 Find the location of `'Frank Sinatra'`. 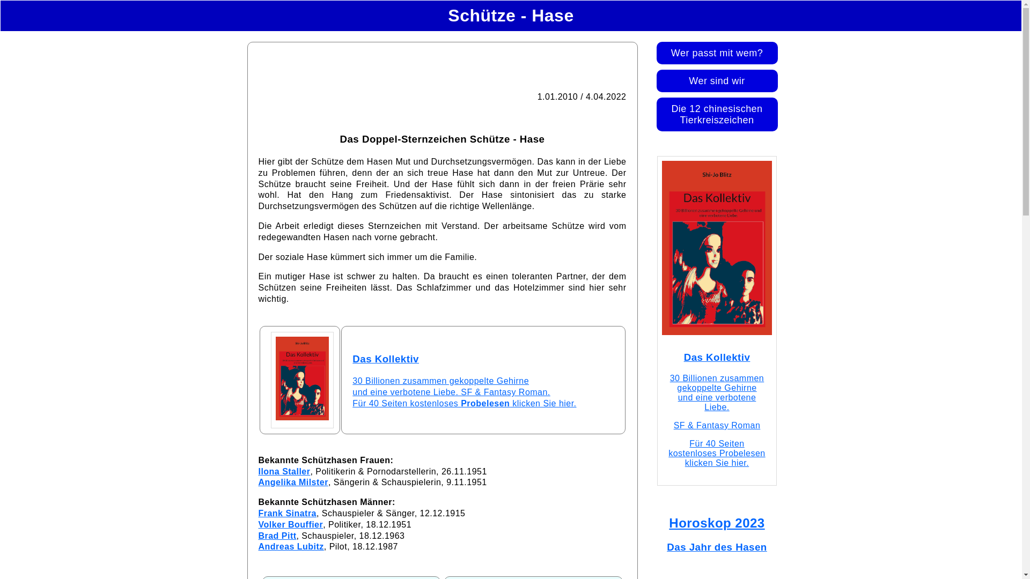

'Frank Sinatra' is located at coordinates (288, 513).